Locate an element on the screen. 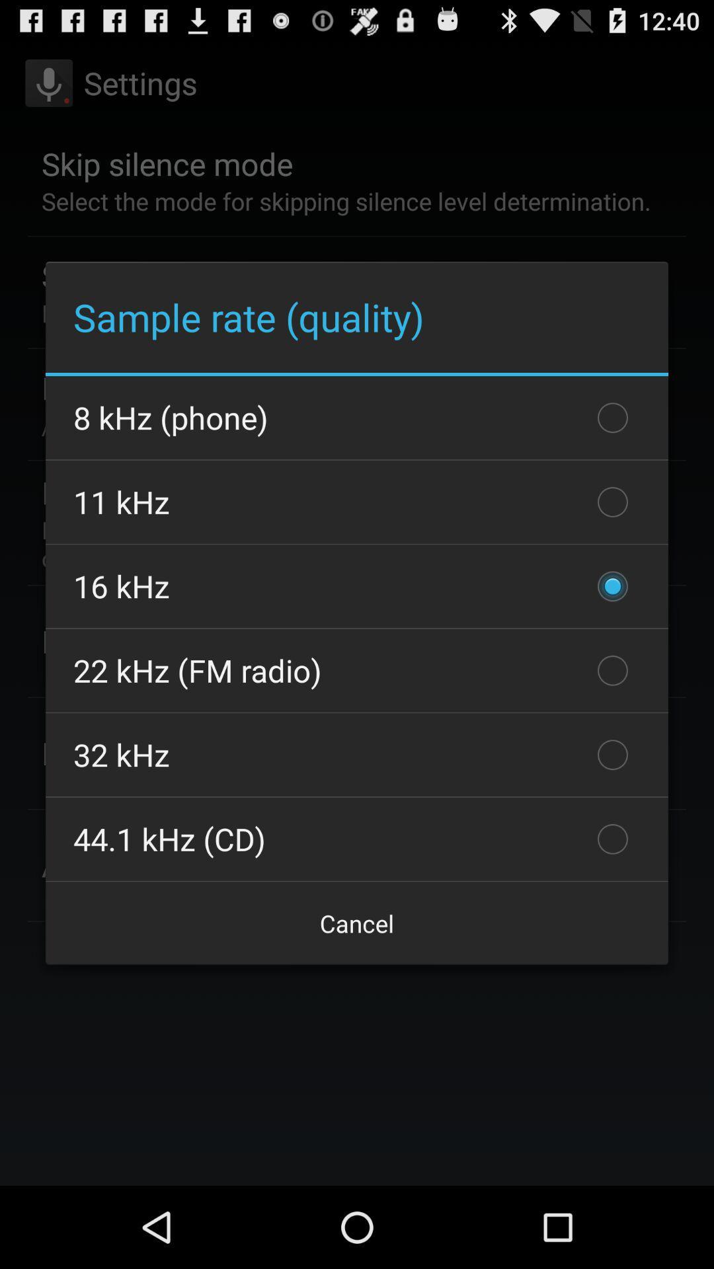 The height and width of the screenshot is (1269, 714). cancel button is located at coordinates (357, 923).